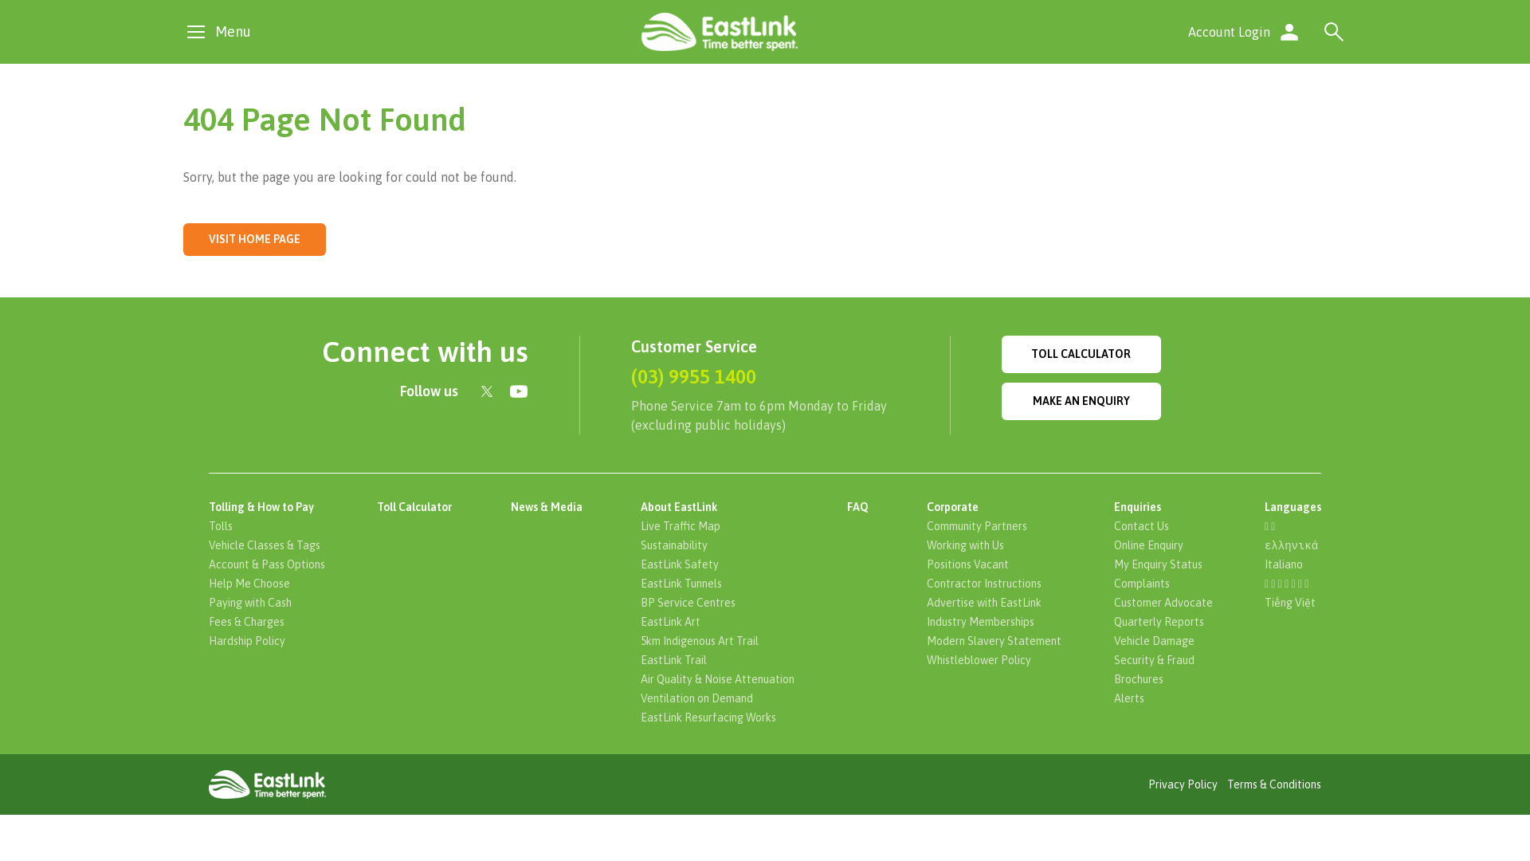 The width and height of the screenshot is (1530, 861). I want to click on 'Account & Pass Options', so click(273, 564).